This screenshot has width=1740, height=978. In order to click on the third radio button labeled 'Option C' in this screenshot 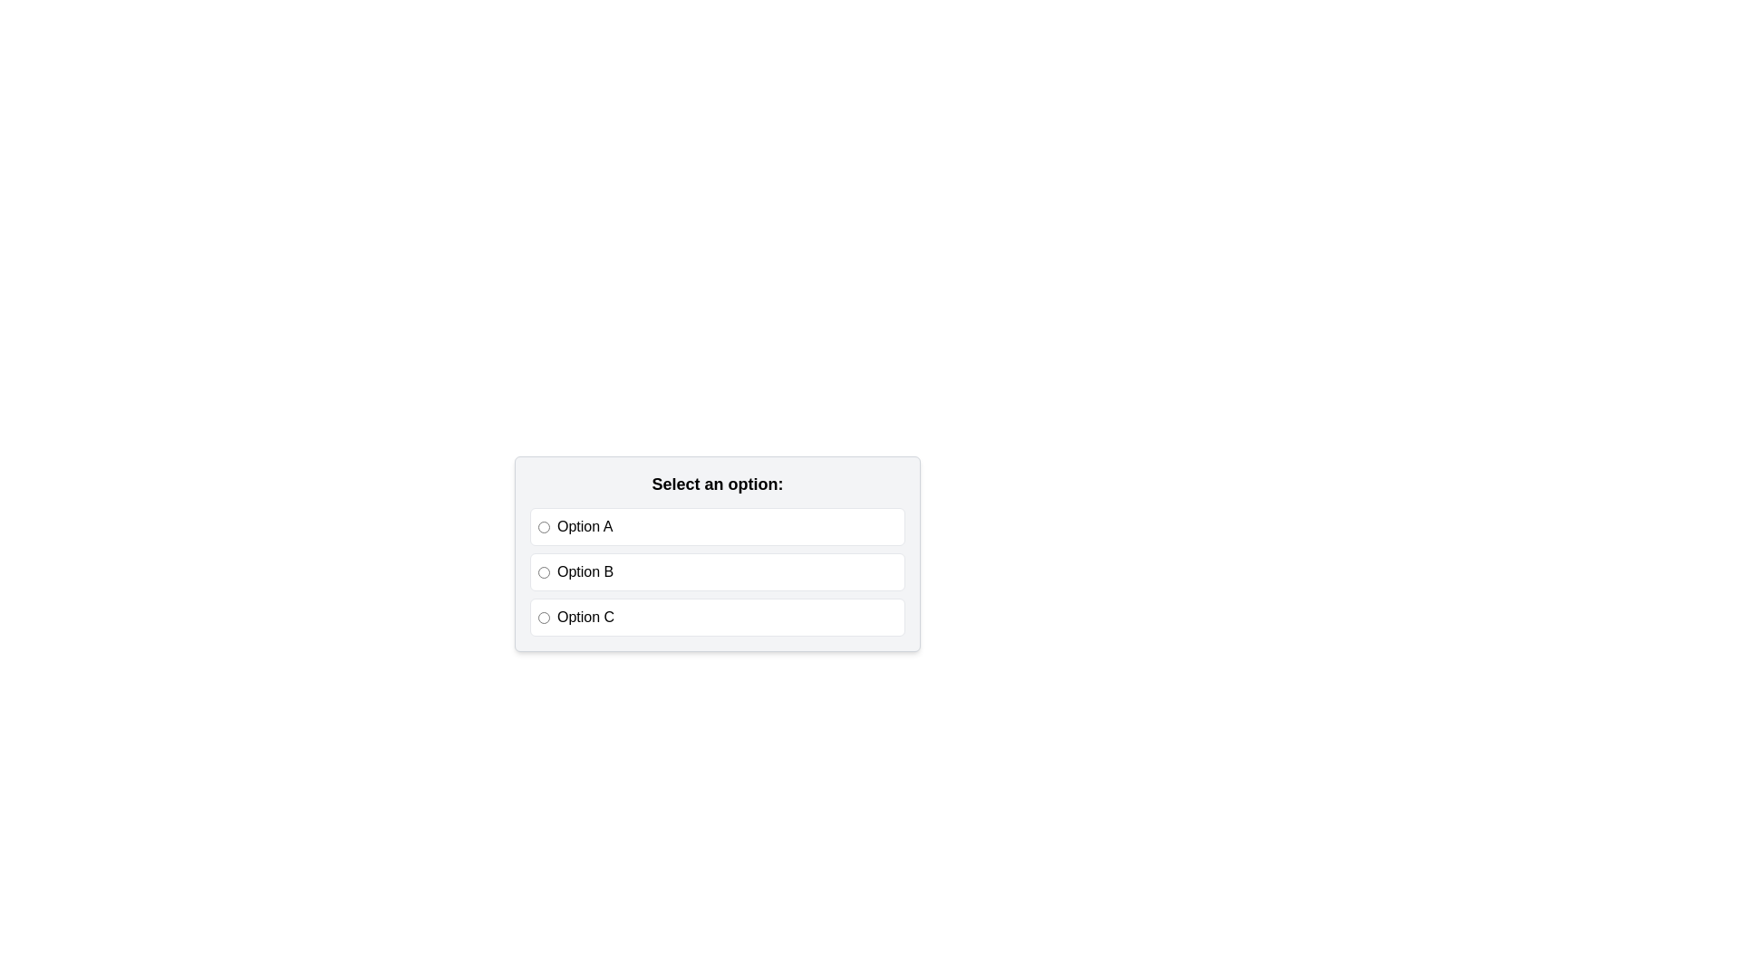, I will do `click(543, 617)`.